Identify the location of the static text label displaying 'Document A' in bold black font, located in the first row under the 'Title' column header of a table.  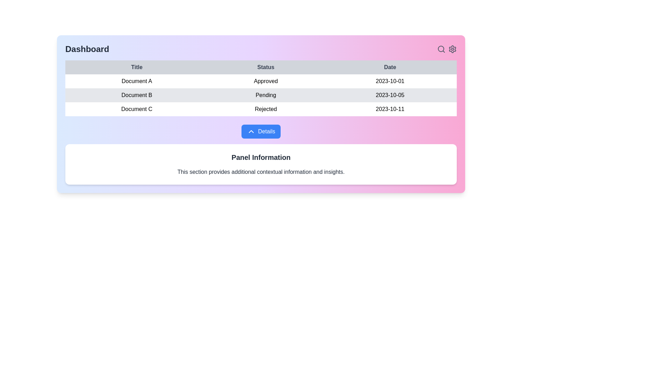
(137, 81).